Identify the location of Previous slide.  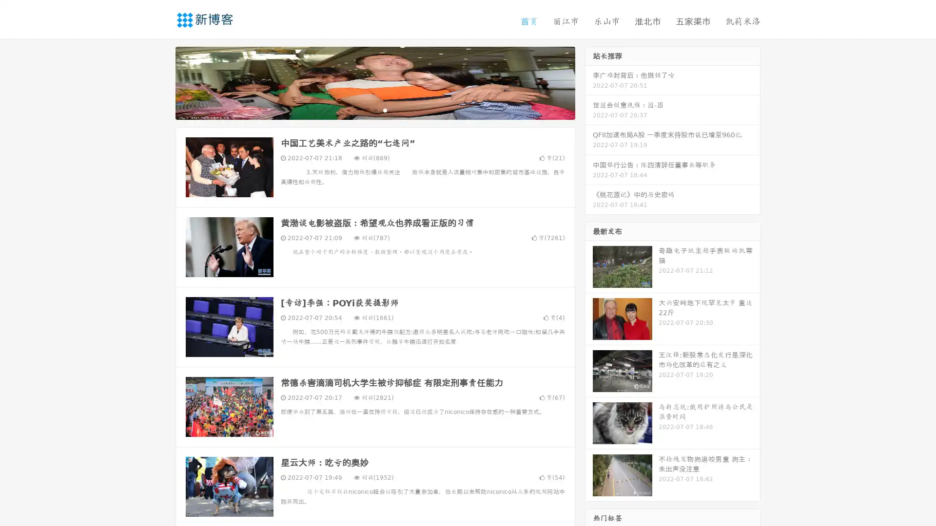
(161, 82).